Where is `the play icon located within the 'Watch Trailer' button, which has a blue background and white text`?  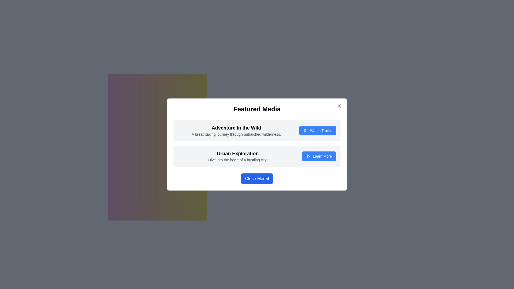
the play icon located within the 'Watch Trailer' button, which has a blue background and white text is located at coordinates (306, 131).